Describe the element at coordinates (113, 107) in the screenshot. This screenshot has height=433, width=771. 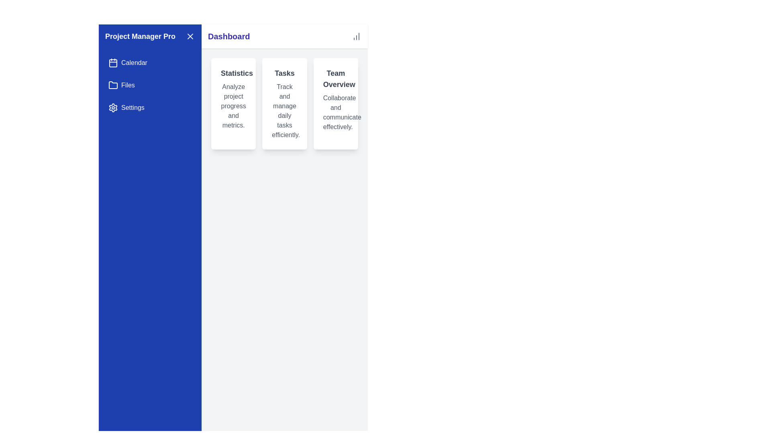
I see `the gear-shaped icon in the vertical navigation menu` at that location.